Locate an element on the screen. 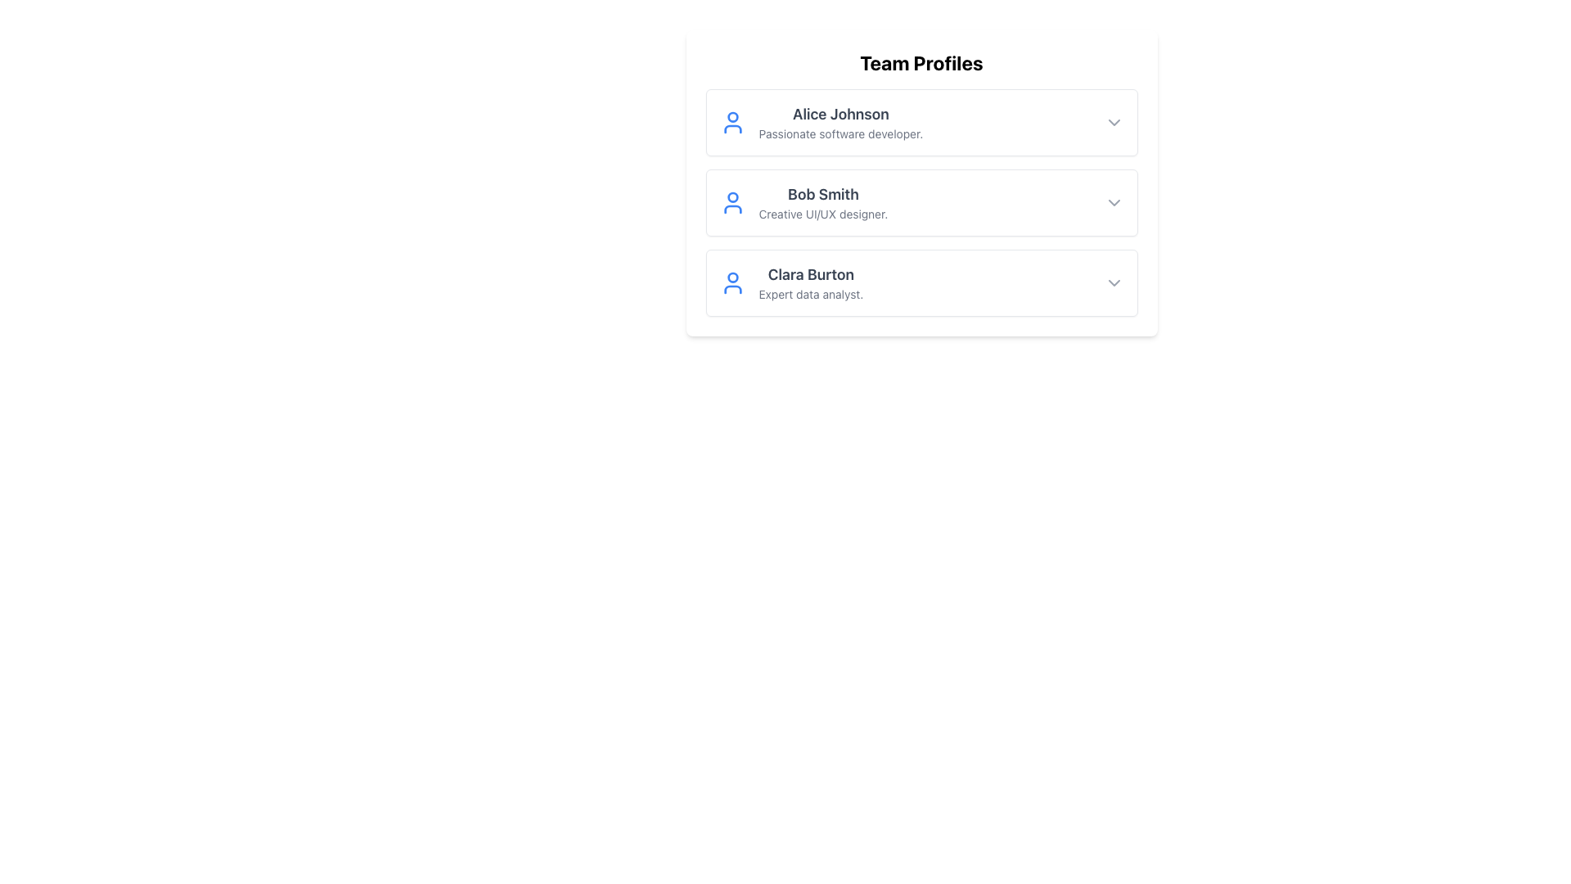 The width and height of the screenshot is (1571, 884). the text block displaying 'Clara Burton' and 'Expert data analyst' which is the third entry in the team profiles list is located at coordinates (811, 282).